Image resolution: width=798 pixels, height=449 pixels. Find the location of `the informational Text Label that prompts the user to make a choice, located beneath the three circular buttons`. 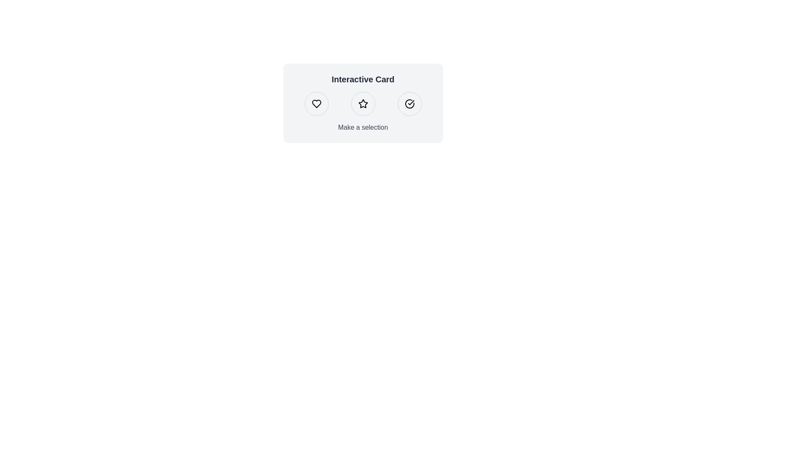

the informational Text Label that prompts the user to make a choice, located beneath the three circular buttons is located at coordinates (363, 128).